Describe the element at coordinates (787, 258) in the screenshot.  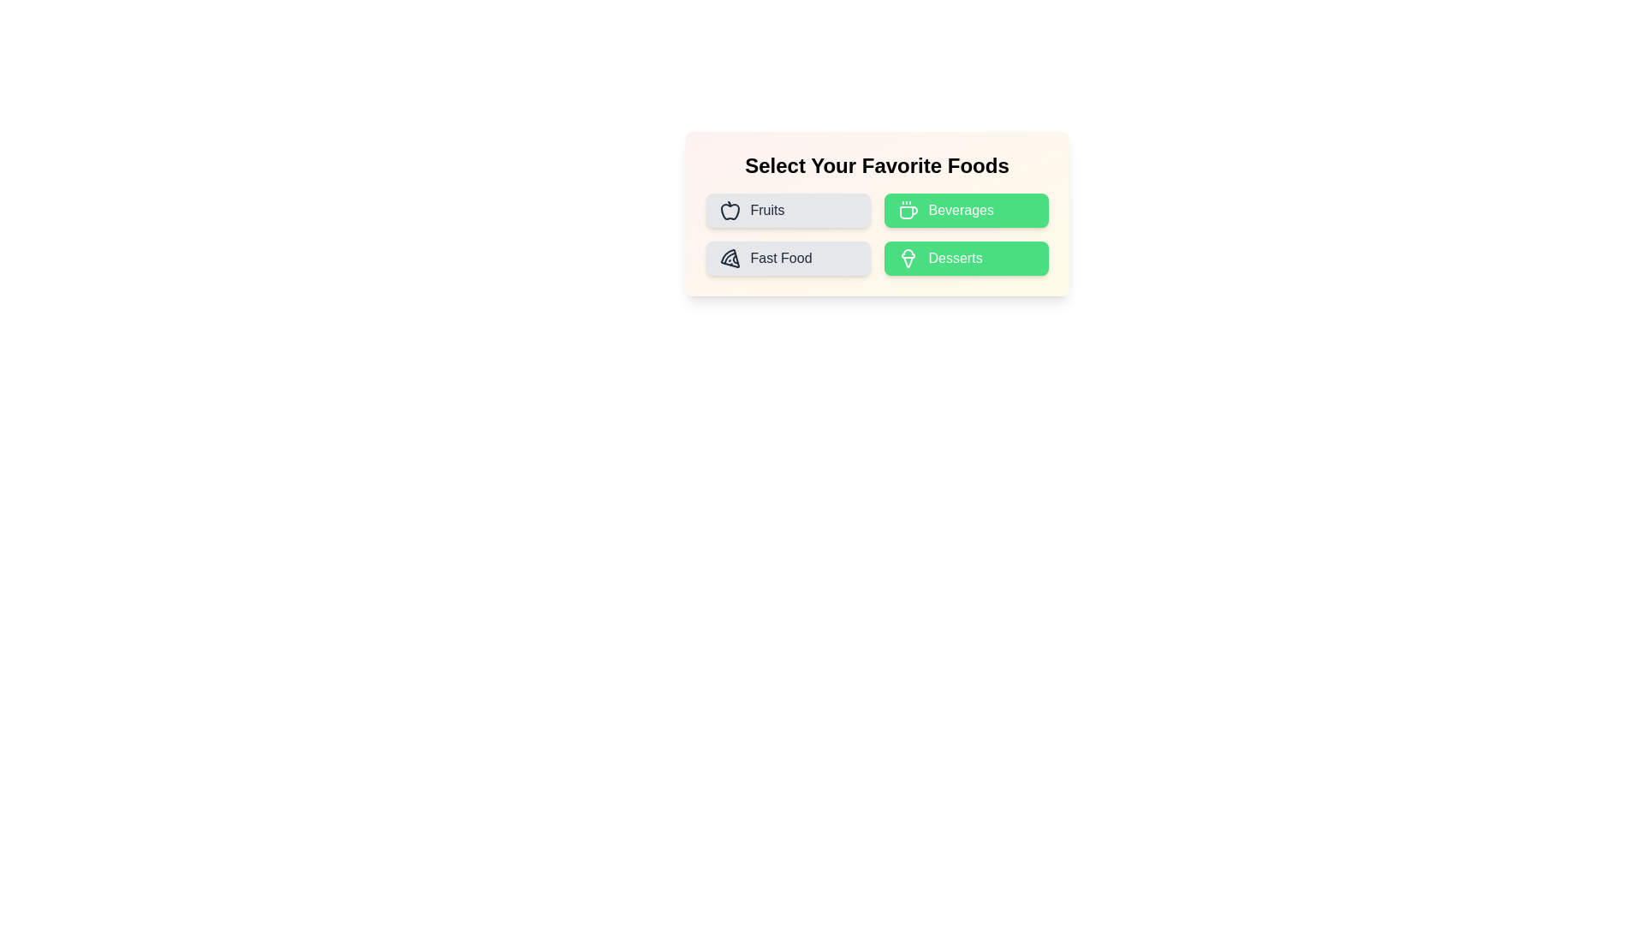
I see `the food category Fast Food by clicking its corresponding button` at that location.